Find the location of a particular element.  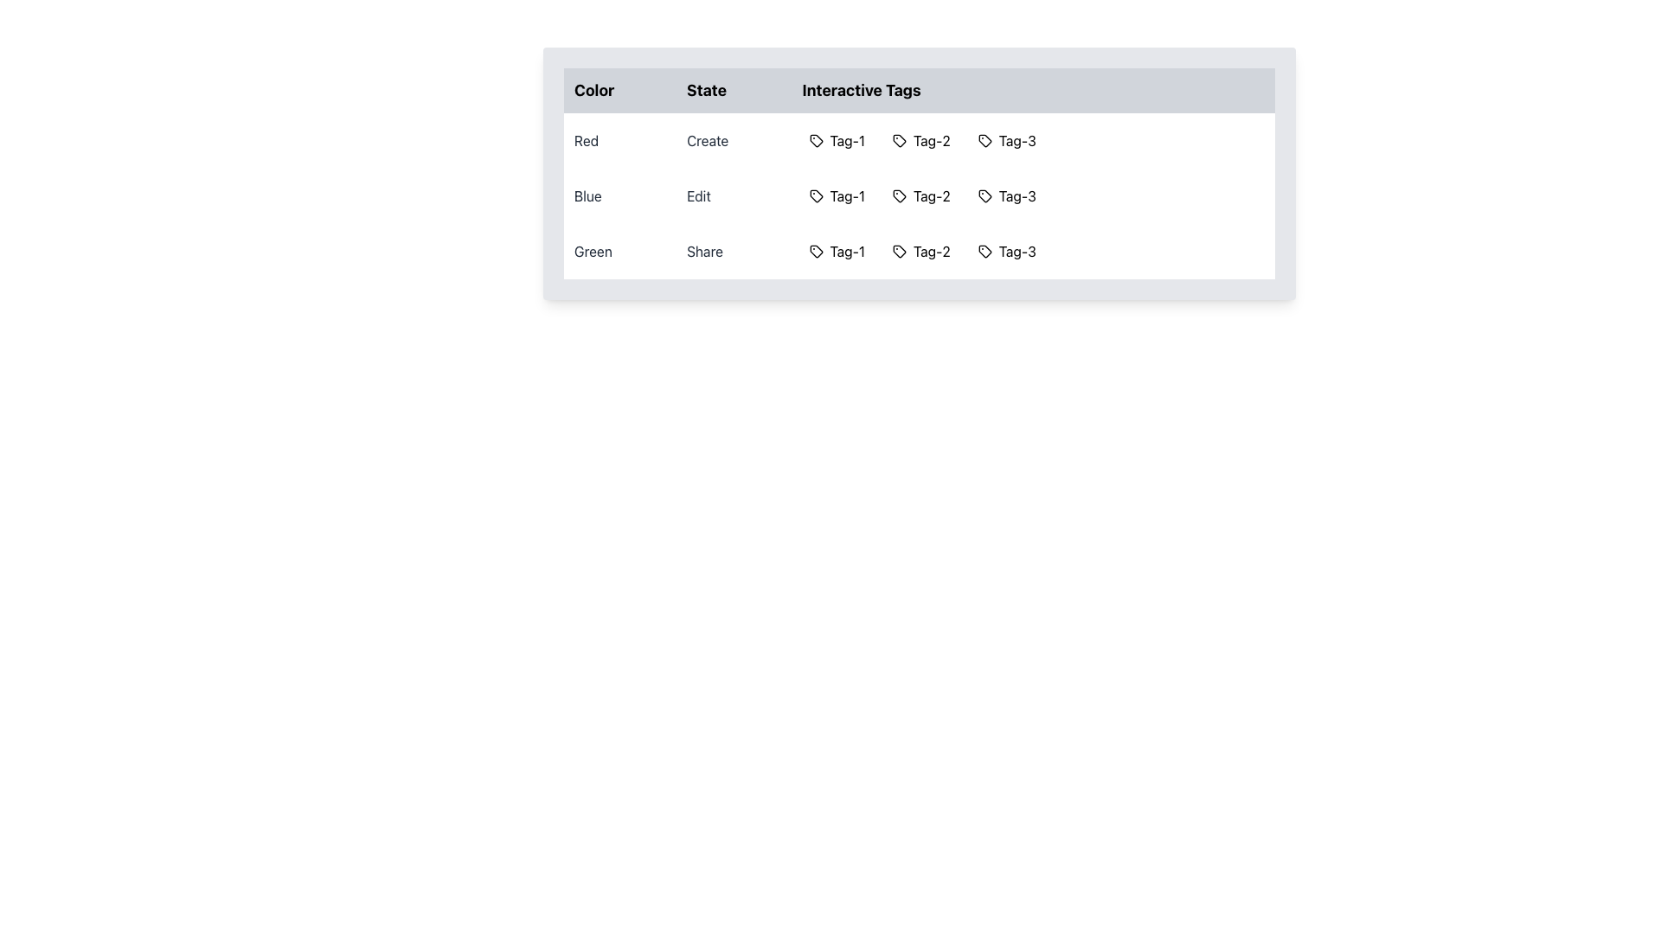

the third tag icon in the 'Edit' state of the table under the 'Interactive Tags' column is located at coordinates (984, 195).